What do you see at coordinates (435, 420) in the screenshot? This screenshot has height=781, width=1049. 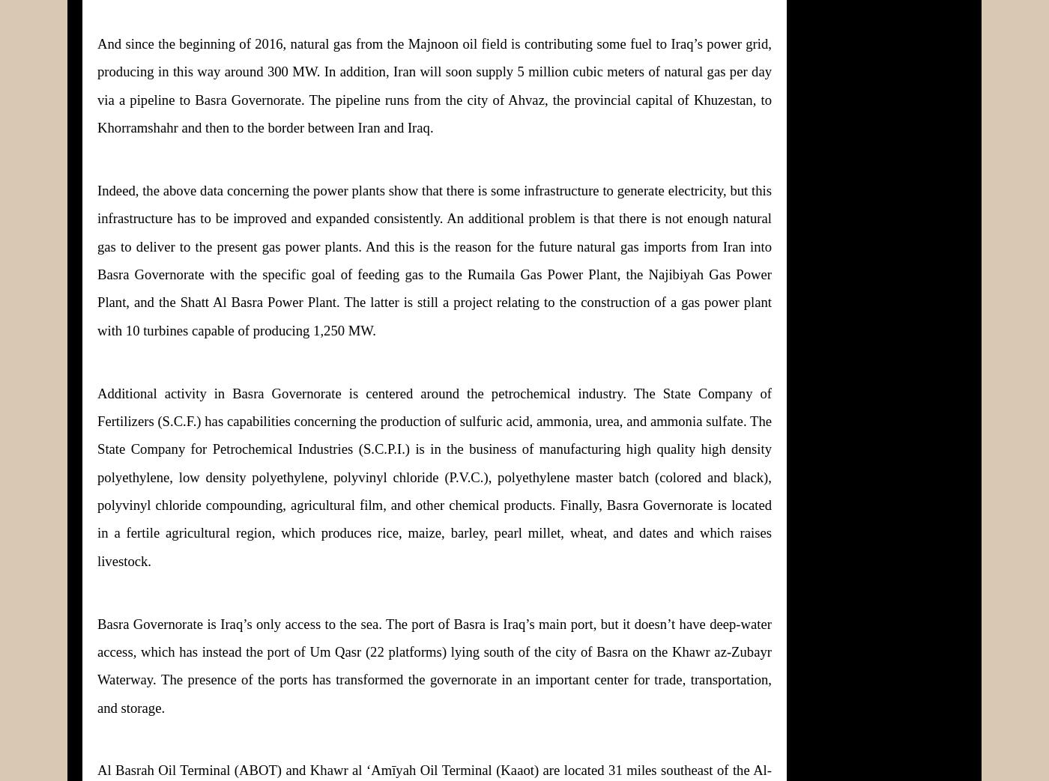 I see `'Additional
activity in Basra Governorate is centered around the petrochemical industry.
The State Company of Fertilizers (S.C.F.) has capabilities concerning the
production of sulfuric acid, ammonia, urea, and ammonia sulfate. The State
Company for Petrochemical Industries (S.C.P.I.) is in the business of
manufacturing high quality'` at bounding box center [435, 420].